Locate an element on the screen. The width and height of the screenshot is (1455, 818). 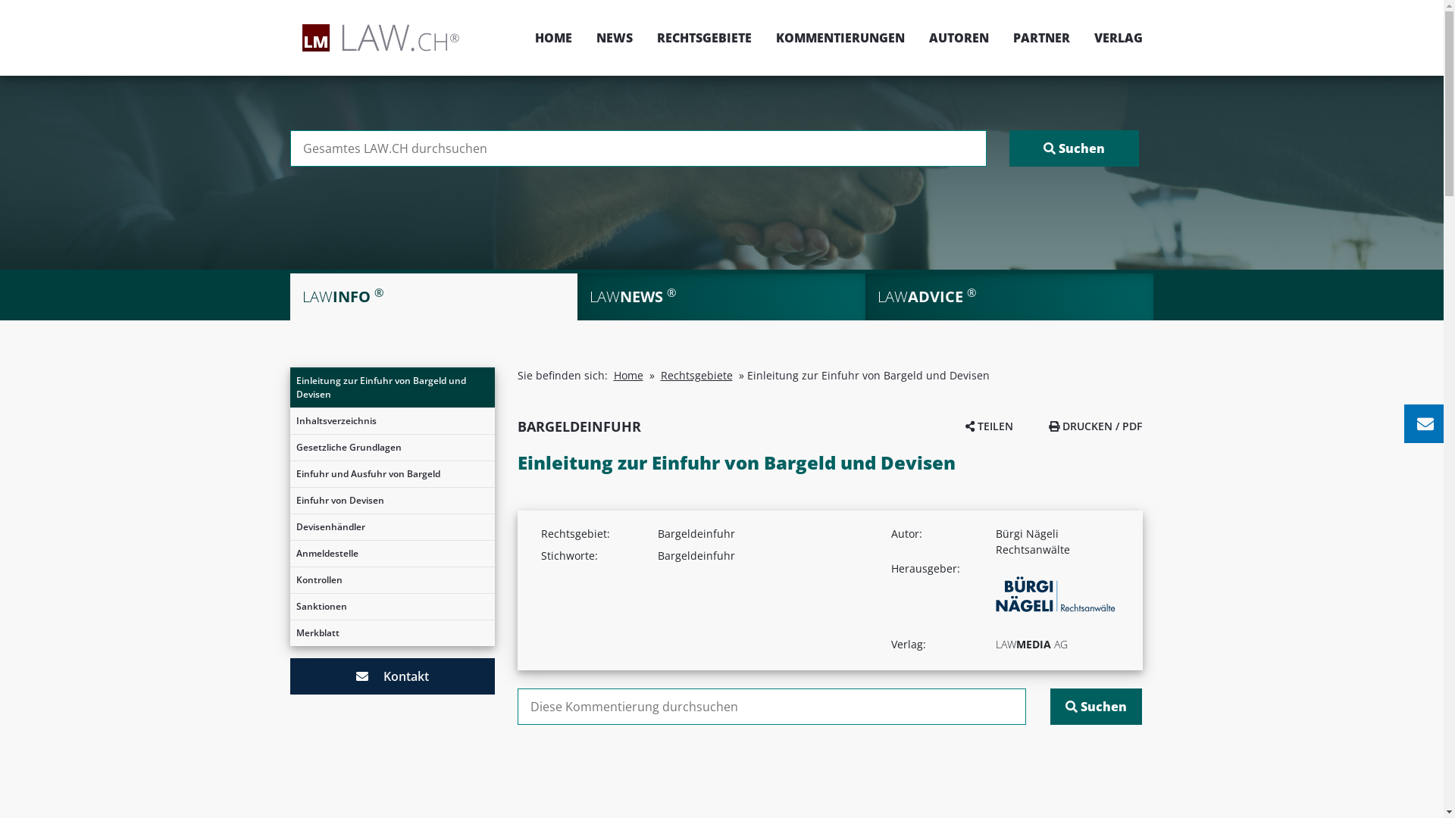
' TEILEN' is located at coordinates (989, 426).